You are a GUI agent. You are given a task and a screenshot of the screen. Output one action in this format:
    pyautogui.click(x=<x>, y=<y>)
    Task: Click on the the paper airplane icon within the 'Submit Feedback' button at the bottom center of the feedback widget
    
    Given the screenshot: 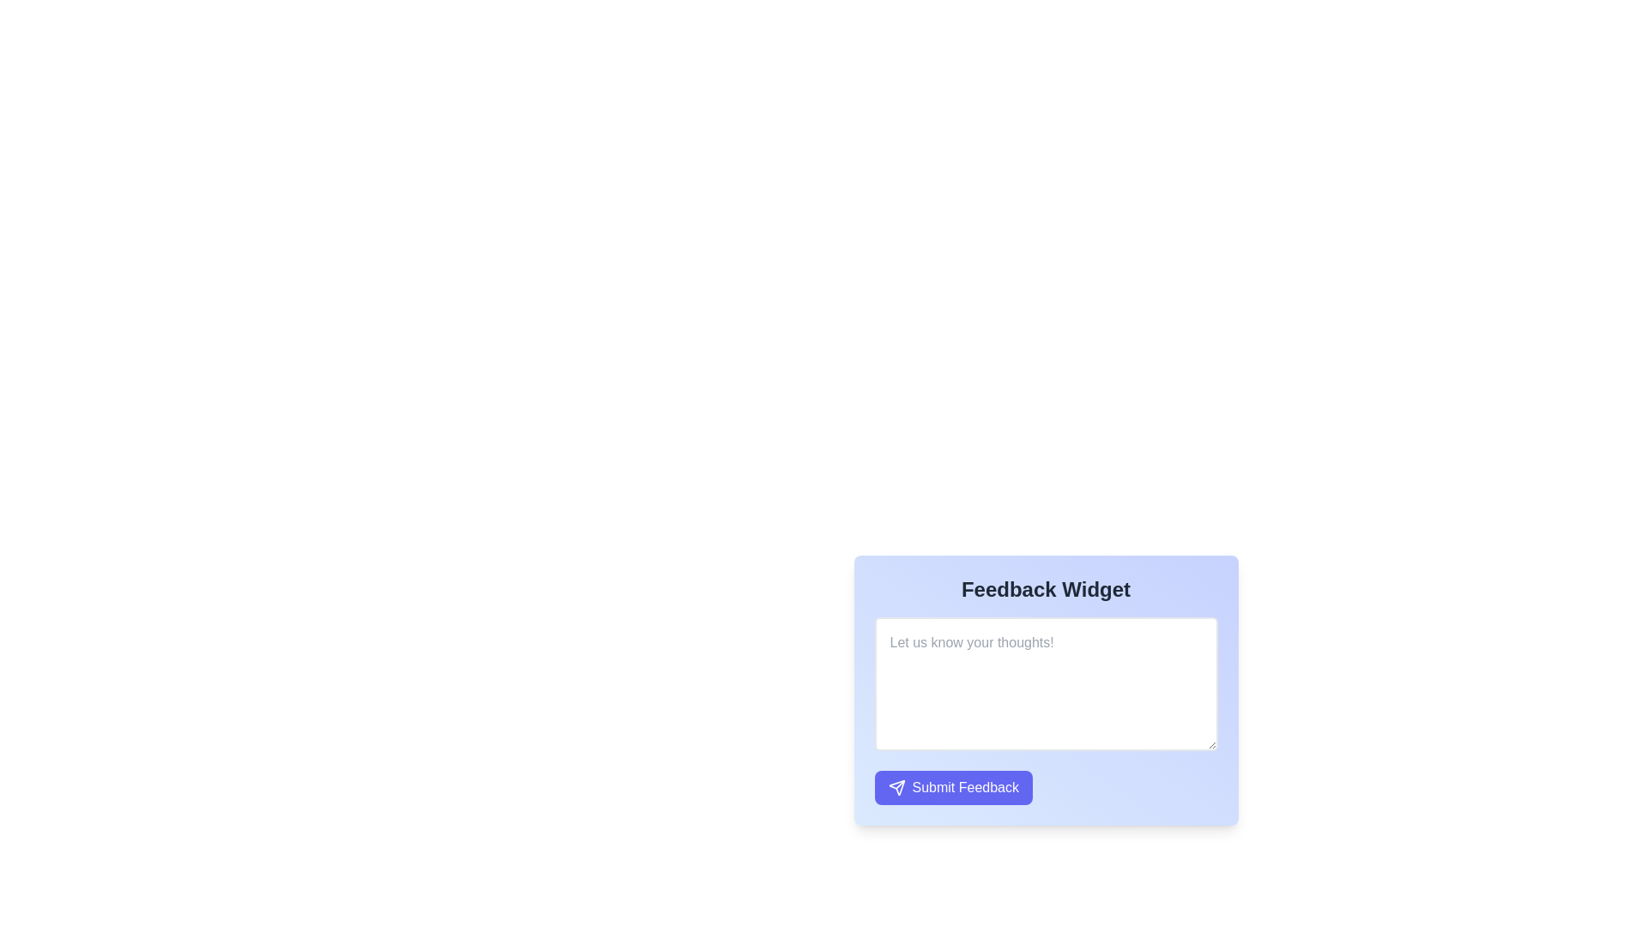 What is the action you would take?
    pyautogui.click(x=896, y=787)
    